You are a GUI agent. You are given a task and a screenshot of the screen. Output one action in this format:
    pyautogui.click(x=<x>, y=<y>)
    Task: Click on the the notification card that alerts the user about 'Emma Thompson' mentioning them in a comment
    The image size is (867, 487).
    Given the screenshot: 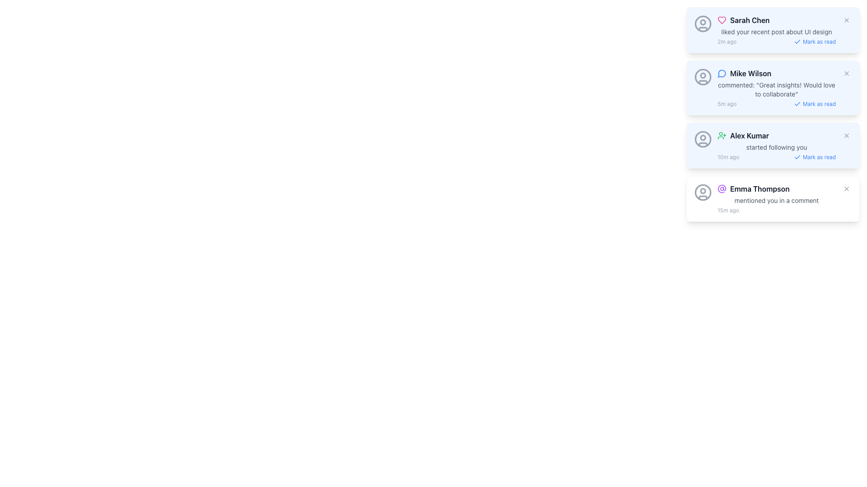 What is the action you would take?
    pyautogui.click(x=776, y=198)
    